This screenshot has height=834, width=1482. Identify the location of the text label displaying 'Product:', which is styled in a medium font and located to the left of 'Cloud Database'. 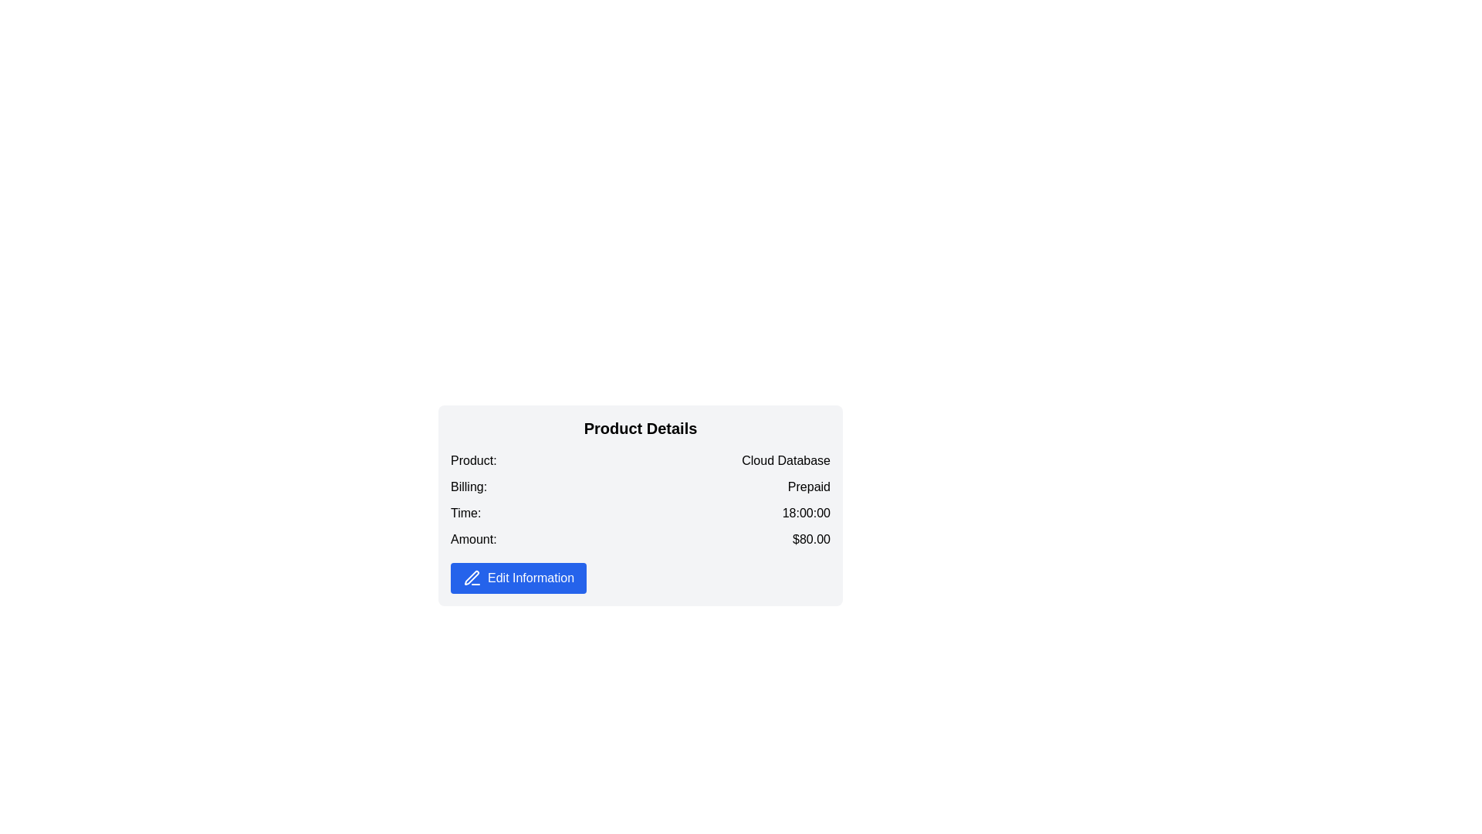
(472, 460).